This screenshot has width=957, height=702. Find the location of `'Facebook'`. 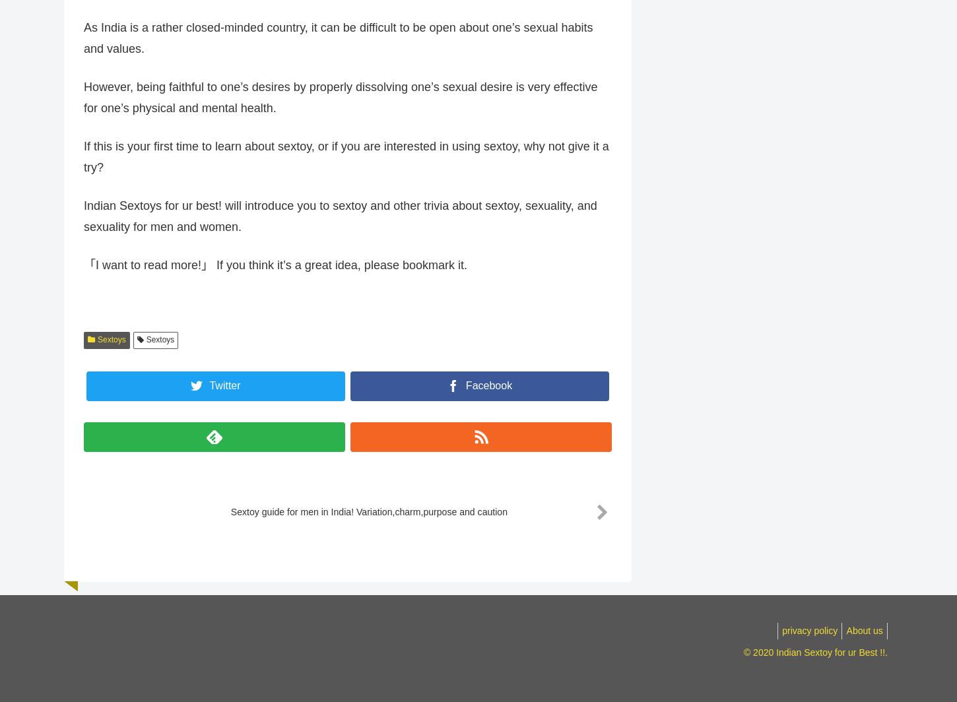

'Facebook' is located at coordinates (488, 393).